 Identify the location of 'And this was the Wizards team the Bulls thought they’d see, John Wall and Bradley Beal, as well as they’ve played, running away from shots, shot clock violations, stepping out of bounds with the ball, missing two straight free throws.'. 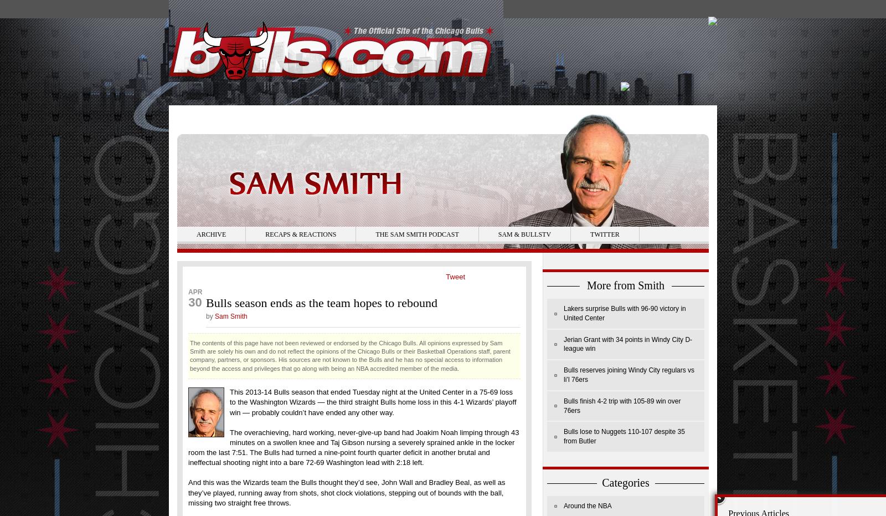
(346, 492).